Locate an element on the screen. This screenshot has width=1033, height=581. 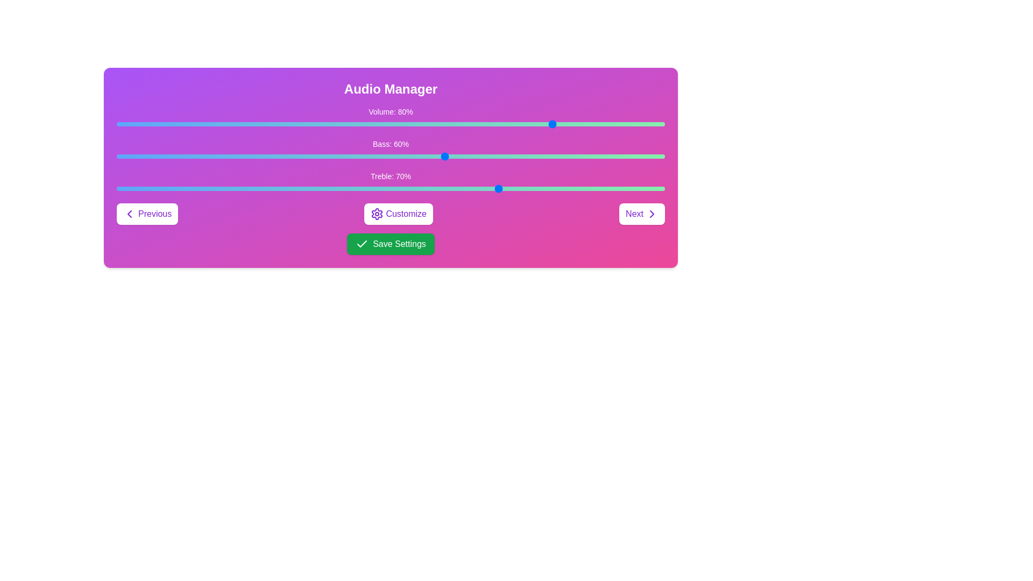
the slider is located at coordinates (335, 188).